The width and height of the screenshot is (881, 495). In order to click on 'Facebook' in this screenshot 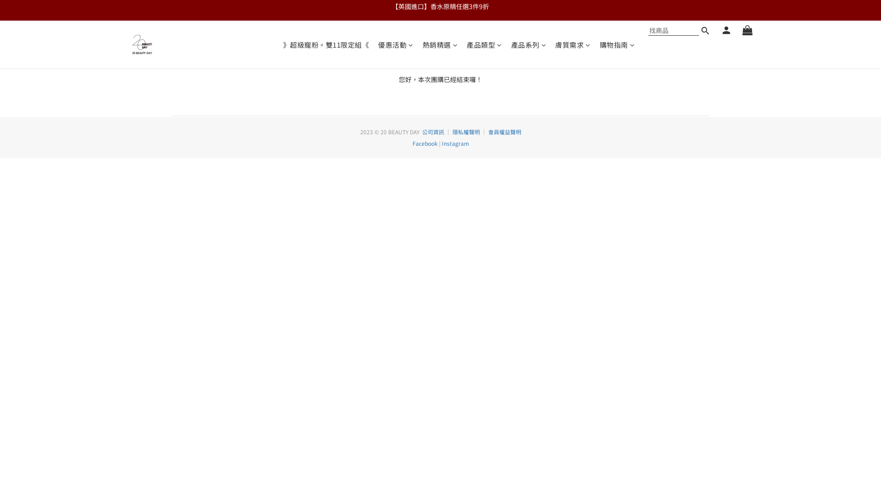, I will do `click(424, 143)`.